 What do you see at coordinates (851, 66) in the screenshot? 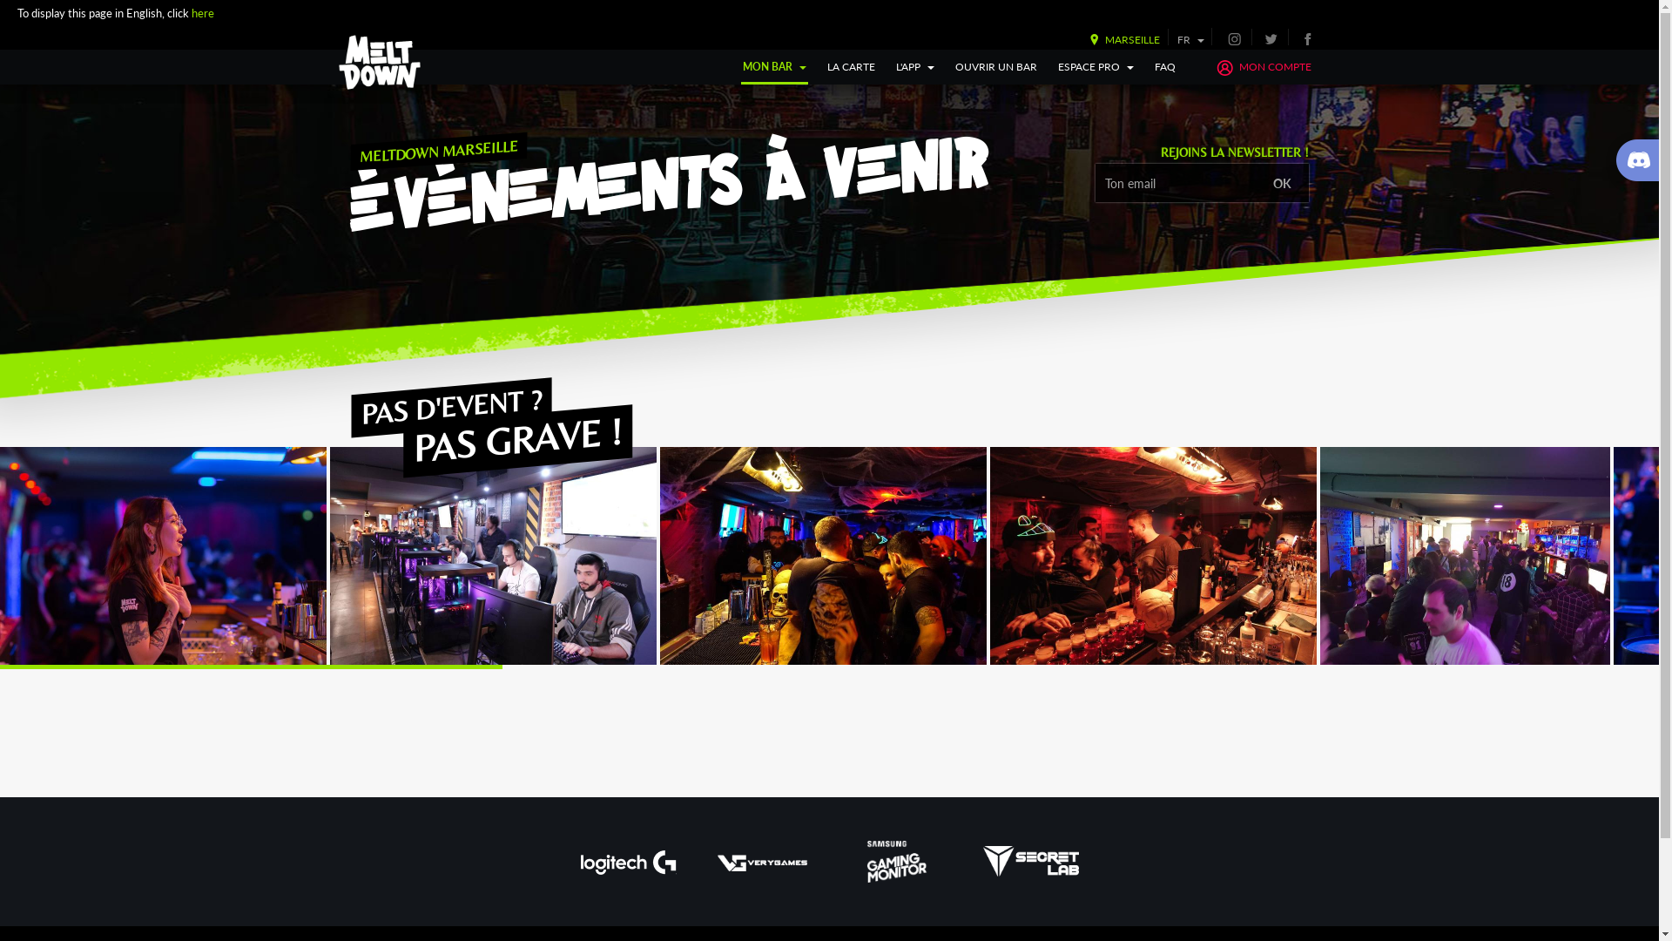
I see `'LA CARTE'` at bounding box center [851, 66].